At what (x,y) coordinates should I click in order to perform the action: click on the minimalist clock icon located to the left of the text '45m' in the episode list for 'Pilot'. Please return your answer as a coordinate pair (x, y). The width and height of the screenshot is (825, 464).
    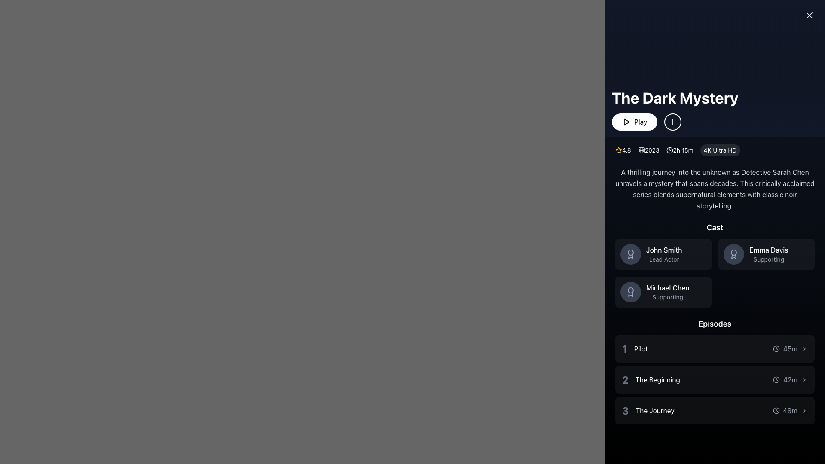
    Looking at the image, I should click on (776, 349).